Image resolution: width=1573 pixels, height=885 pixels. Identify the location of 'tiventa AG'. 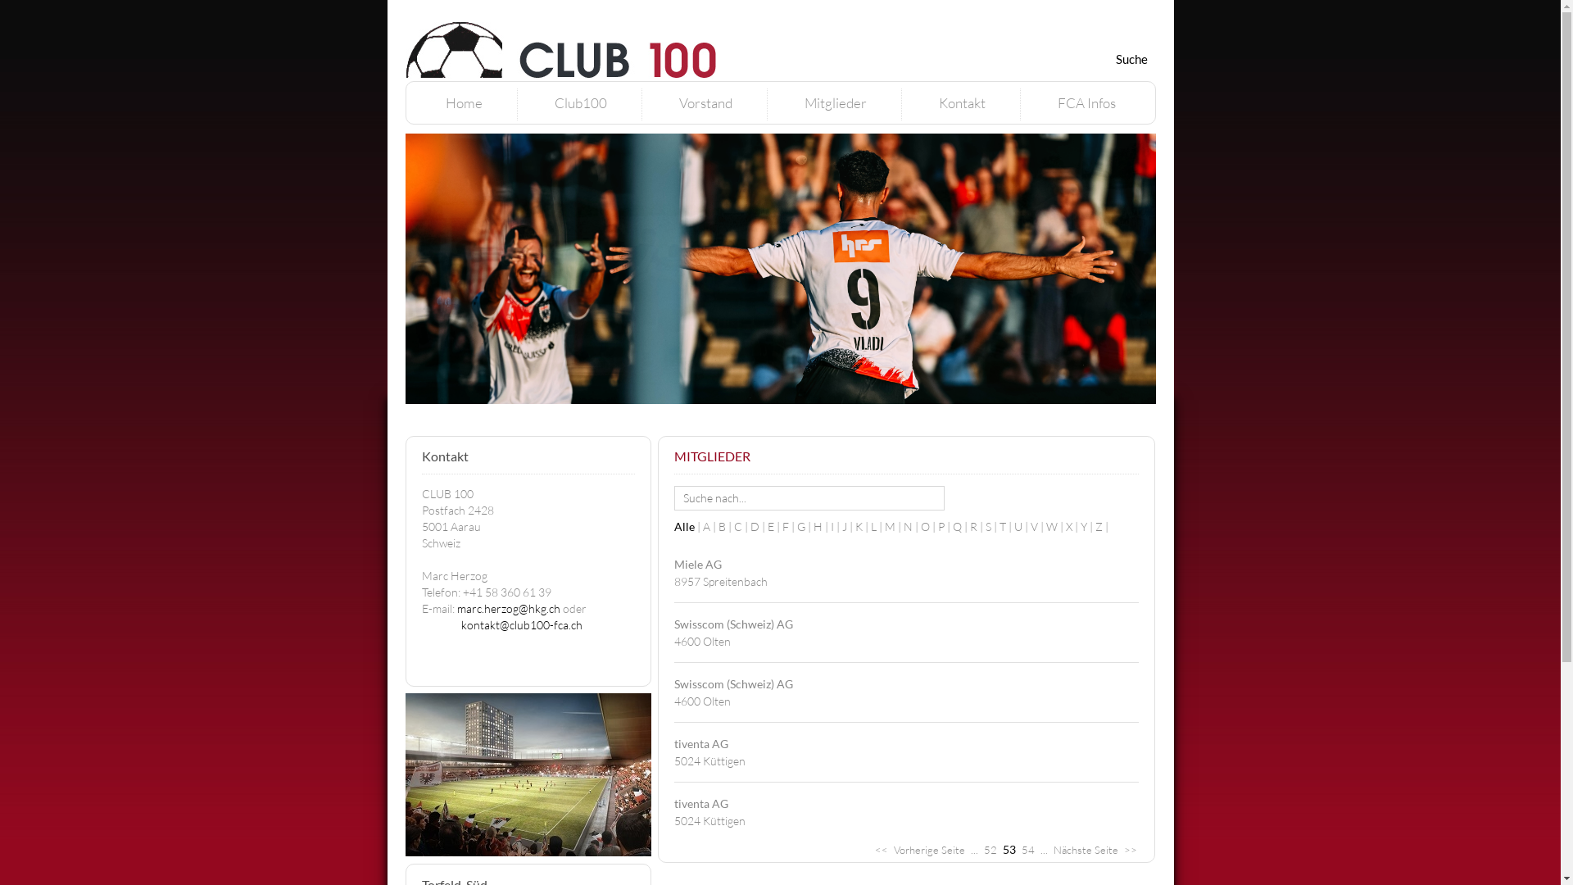
(700, 802).